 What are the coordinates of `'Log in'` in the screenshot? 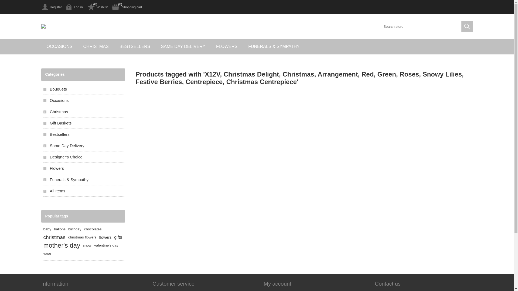 It's located at (74, 7).